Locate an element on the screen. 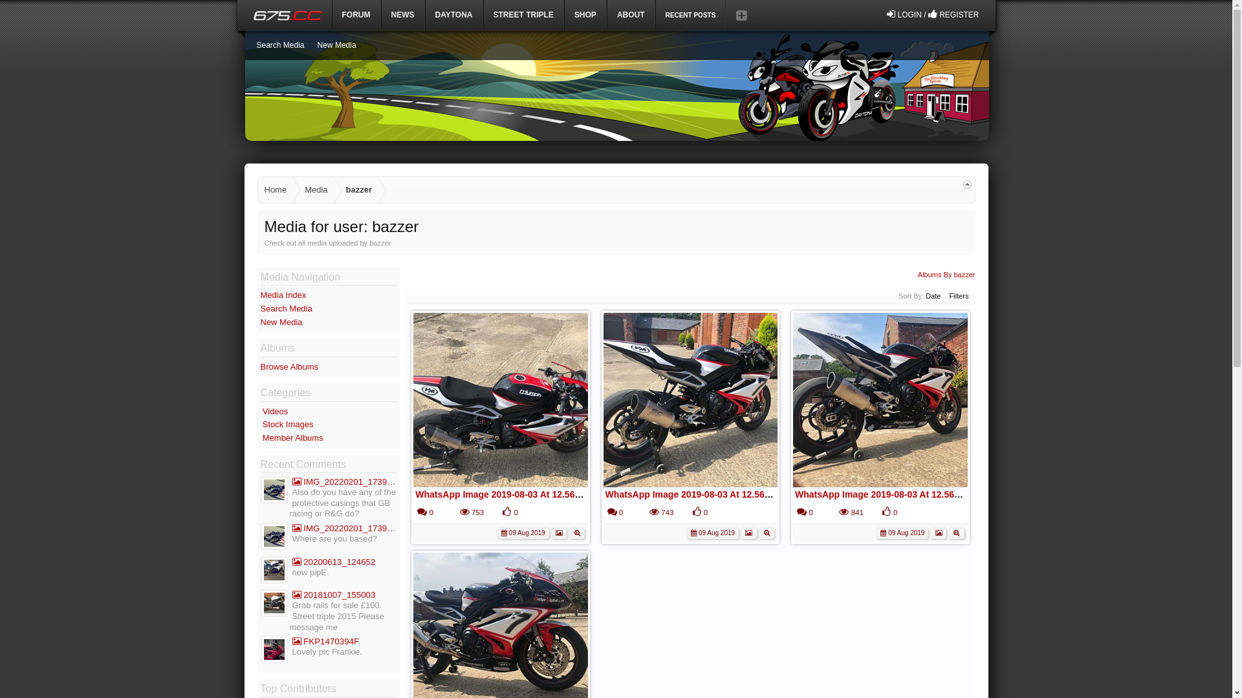 This screenshot has width=1242, height=698. 'Comments' is located at coordinates (422, 511).